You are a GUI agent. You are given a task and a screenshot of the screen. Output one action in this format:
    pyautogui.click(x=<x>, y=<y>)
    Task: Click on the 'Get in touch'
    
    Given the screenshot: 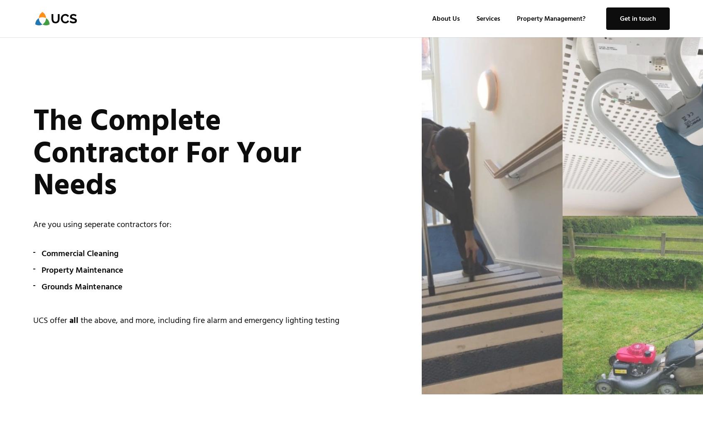 What is the action you would take?
    pyautogui.click(x=620, y=18)
    